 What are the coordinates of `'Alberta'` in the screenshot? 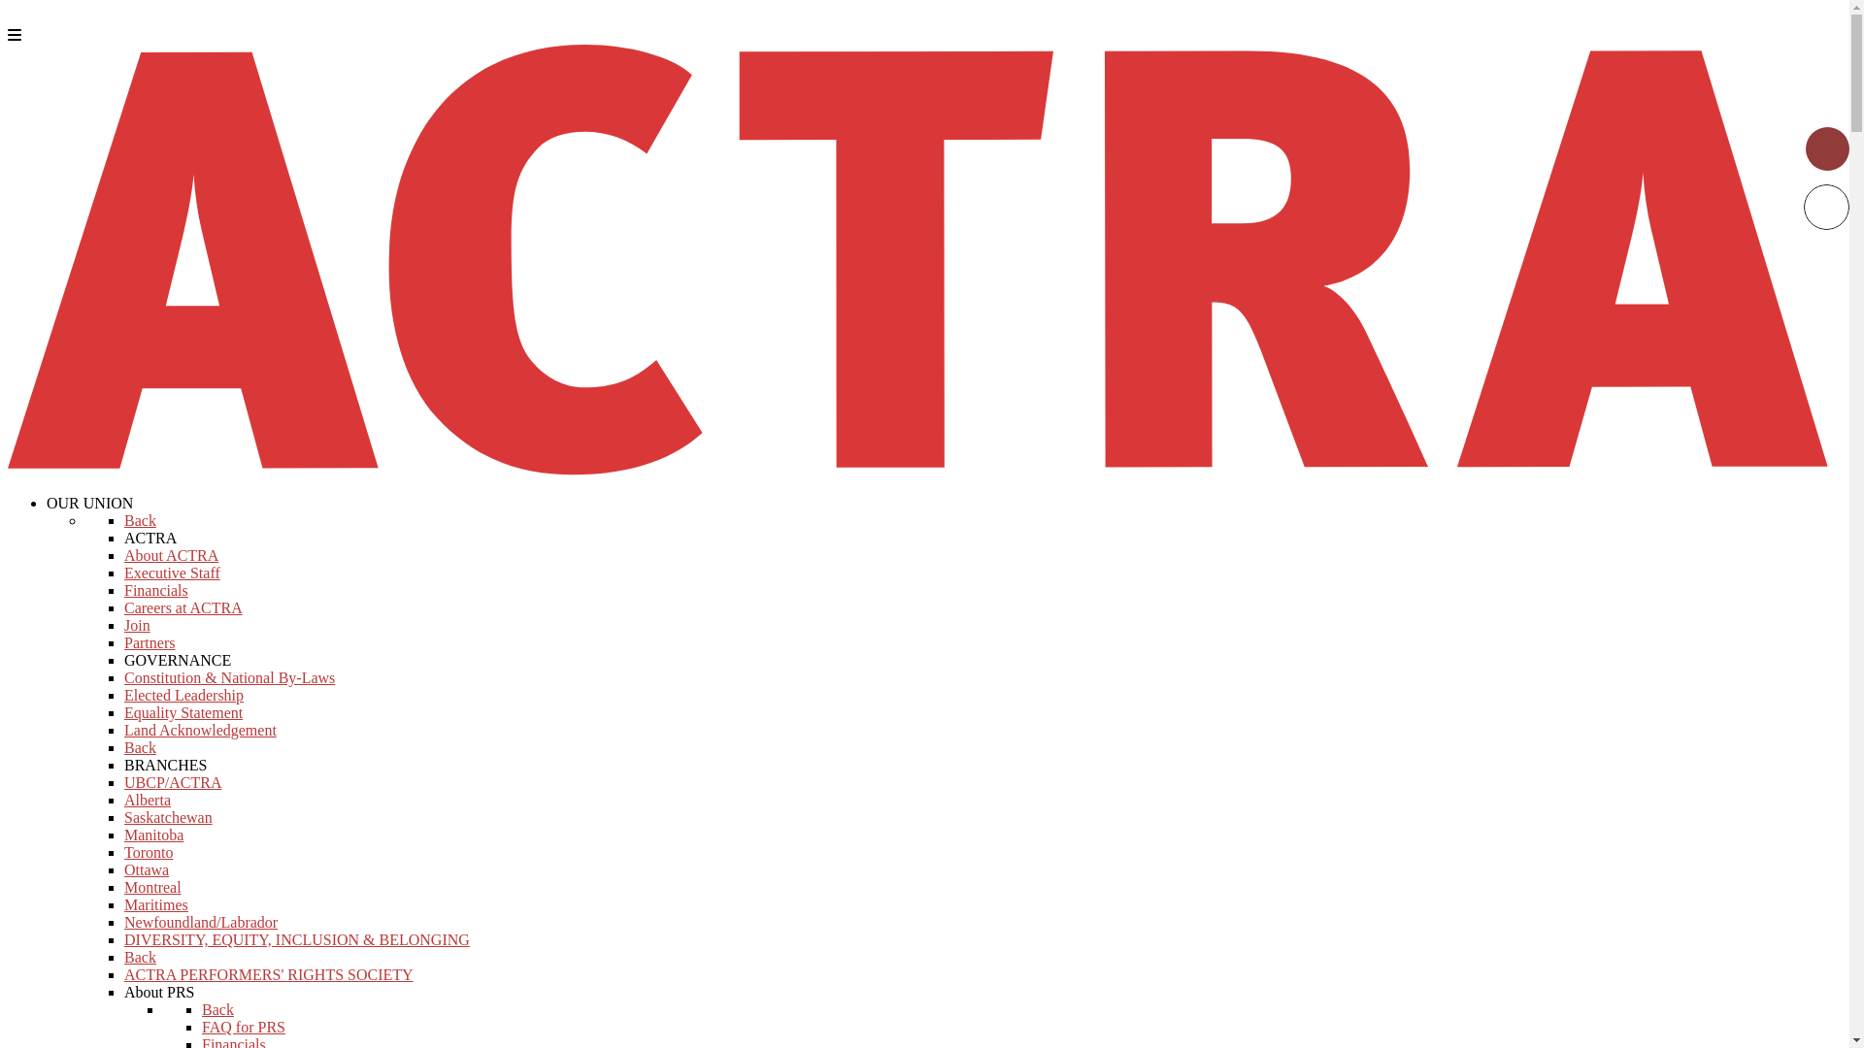 It's located at (147, 800).